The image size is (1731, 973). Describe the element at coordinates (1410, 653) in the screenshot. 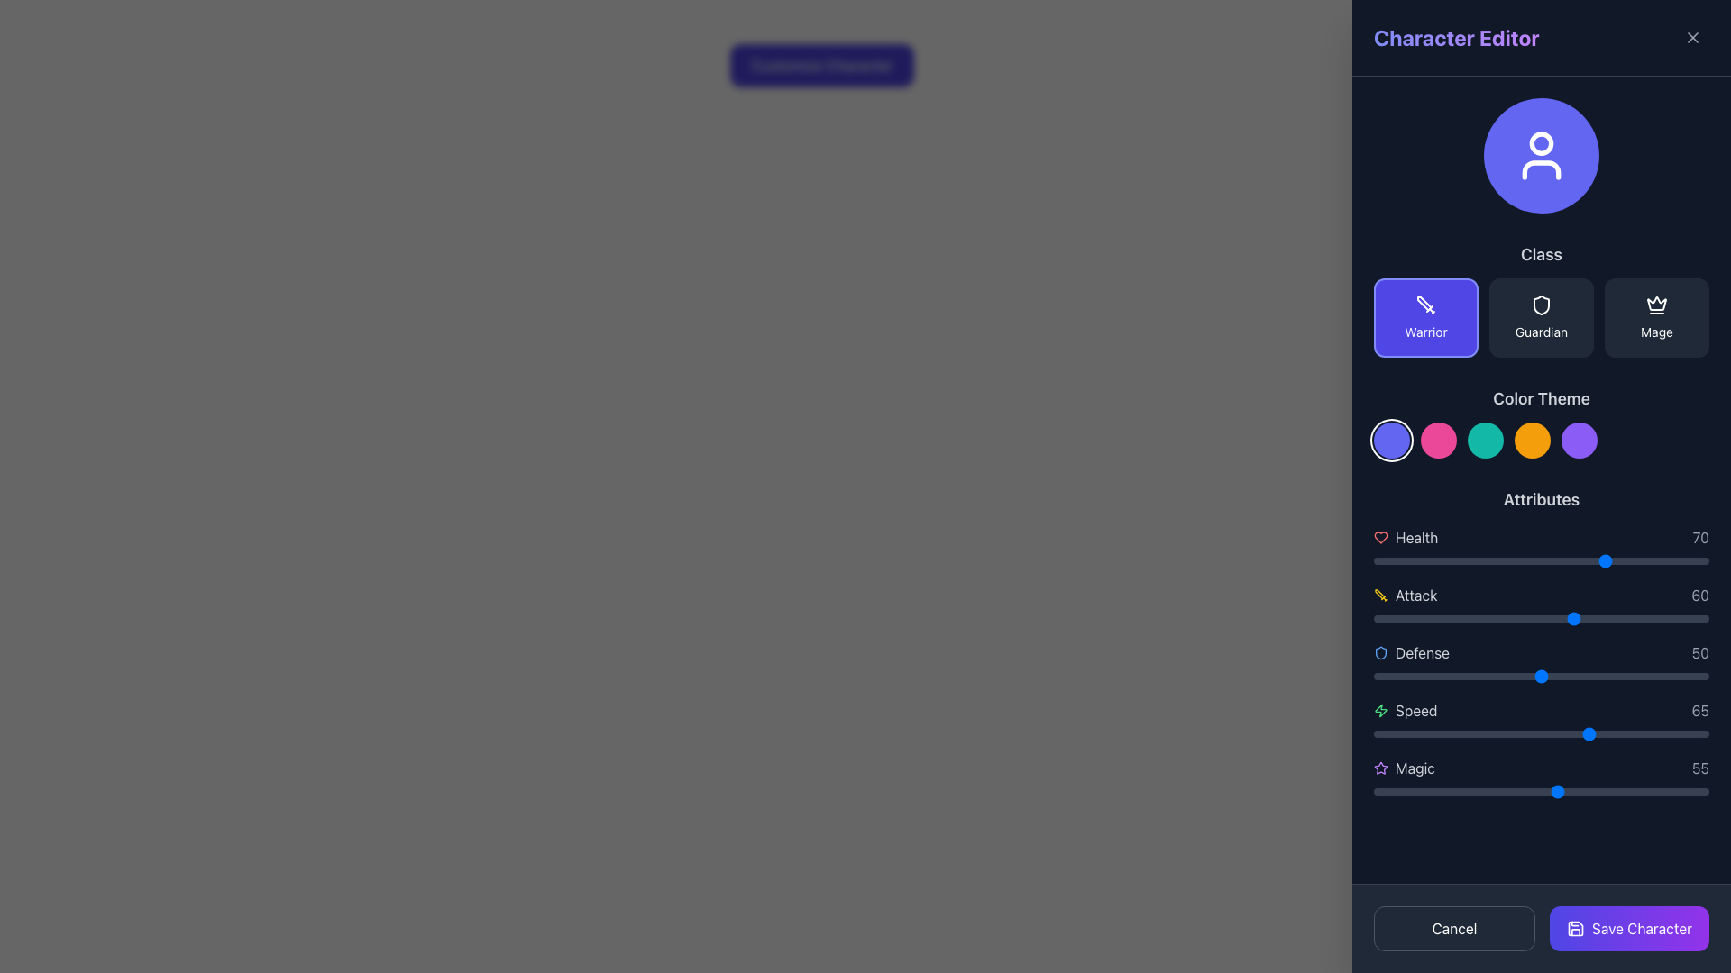

I see `the Label with a shield icon and the word 'Defense' in gray text located in the 'Attributes' section of the 'Character Editor', which is the third element from the top` at that location.